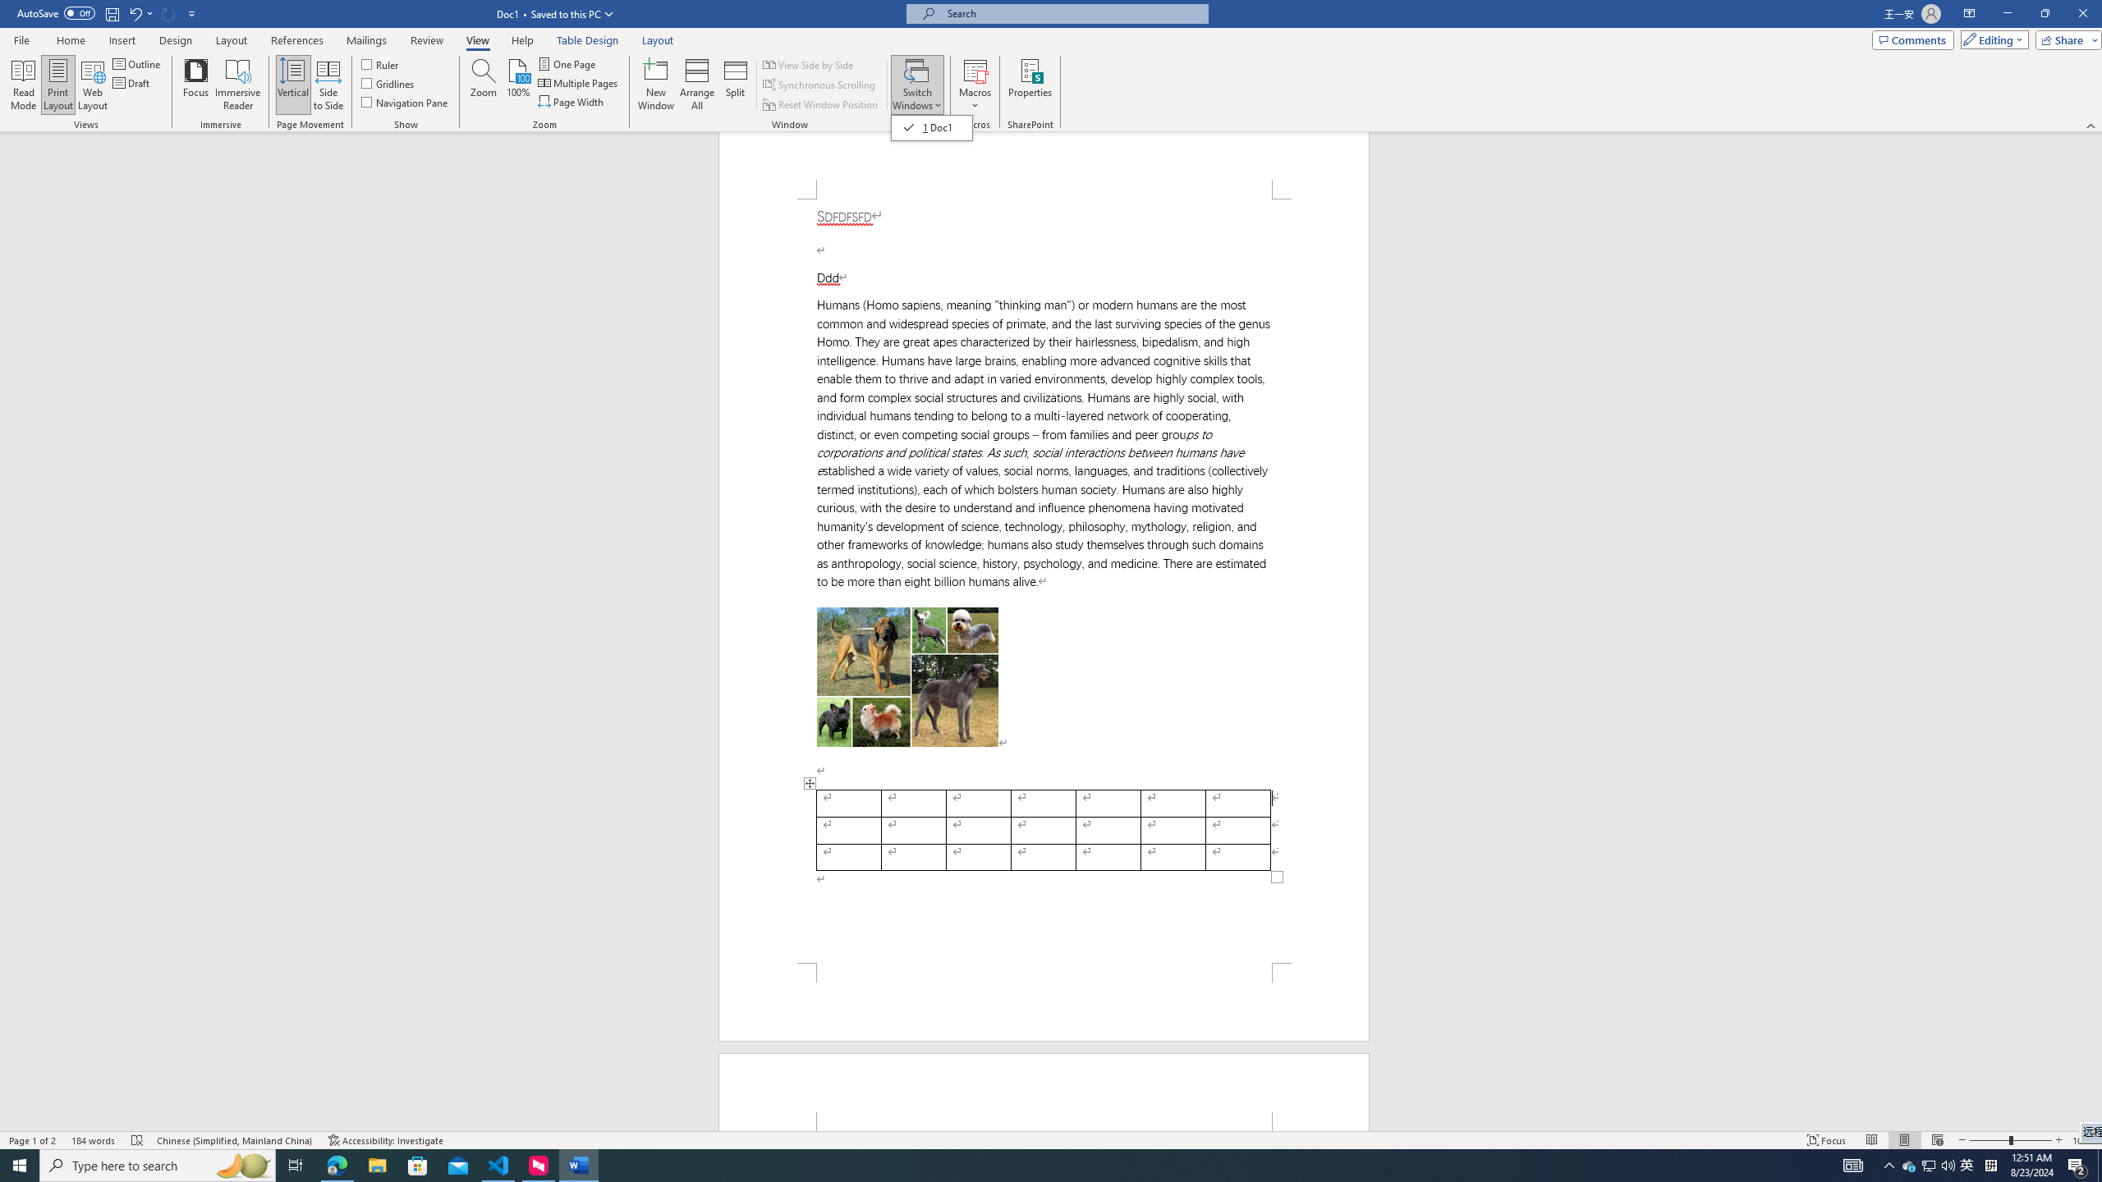  Describe the element at coordinates (297, 40) in the screenshot. I see `'References'` at that location.